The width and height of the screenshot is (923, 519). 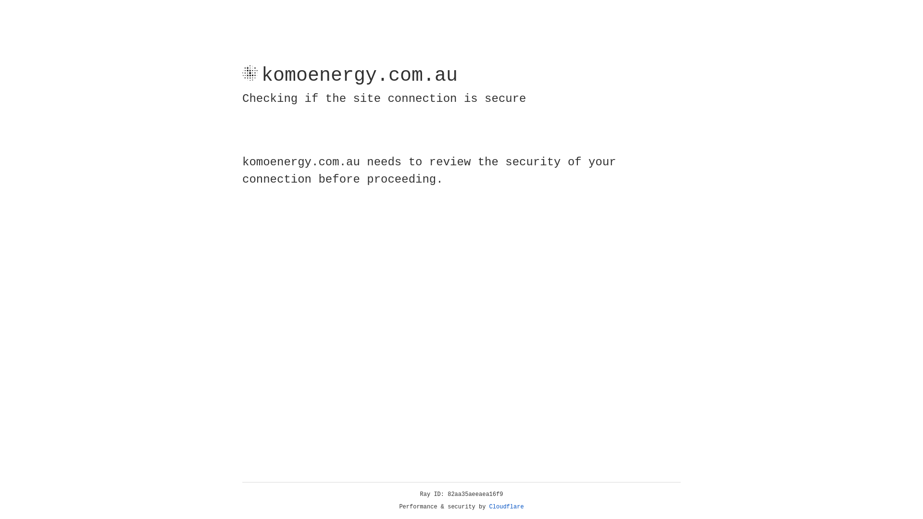 I want to click on 'Cloudflare', so click(x=506, y=507).